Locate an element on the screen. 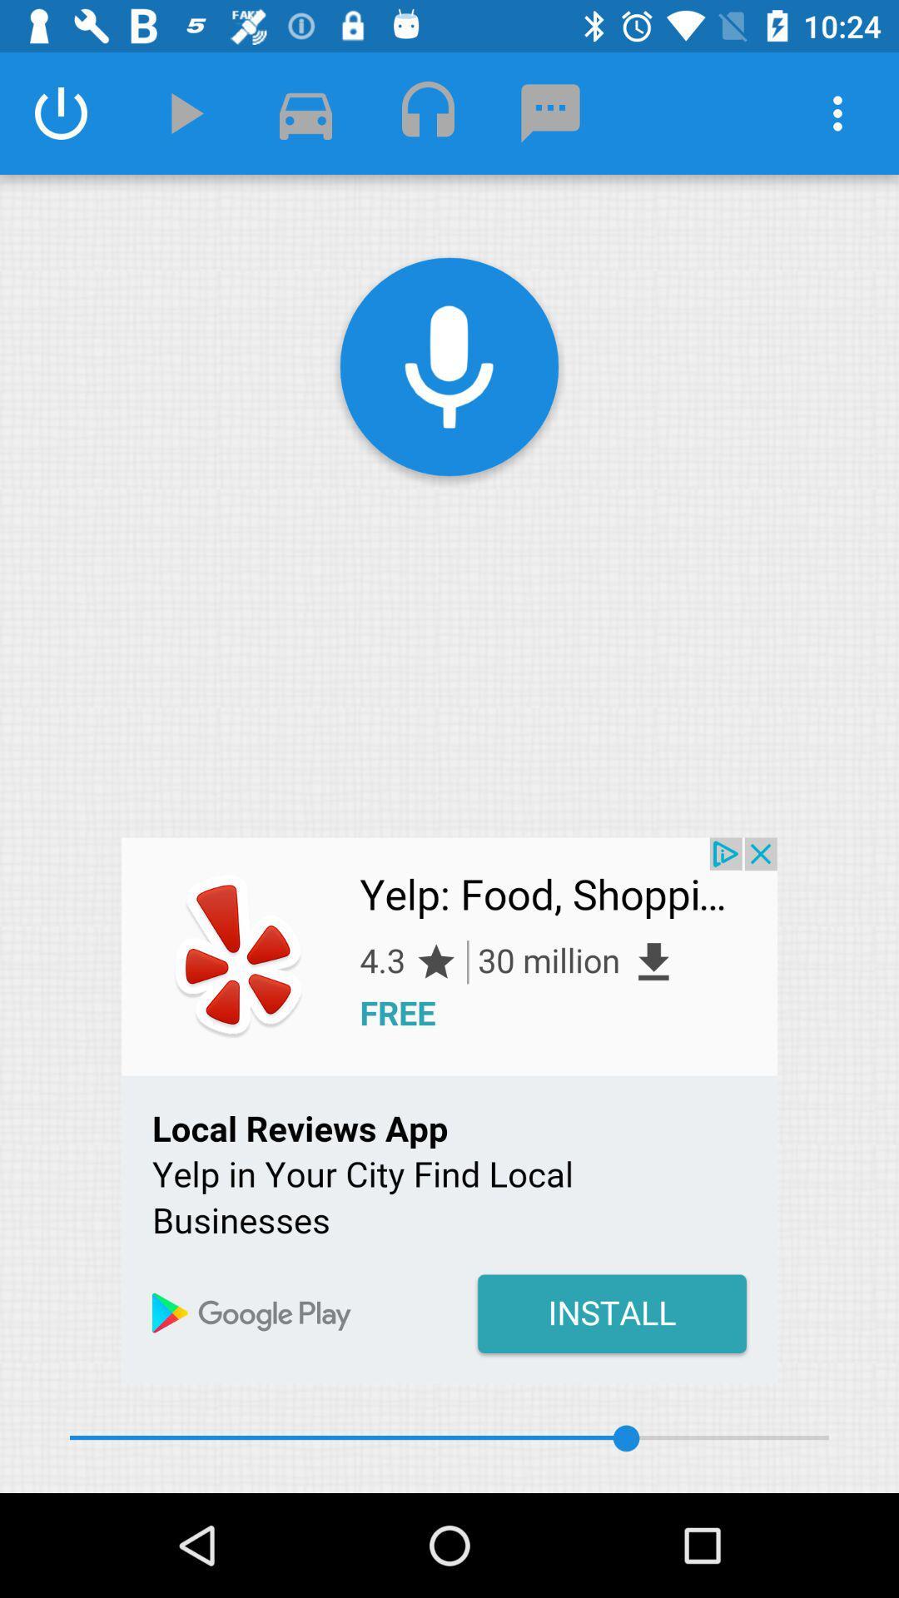 This screenshot has height=1598, width=899. the play icon is located at coordinates (183, 112).